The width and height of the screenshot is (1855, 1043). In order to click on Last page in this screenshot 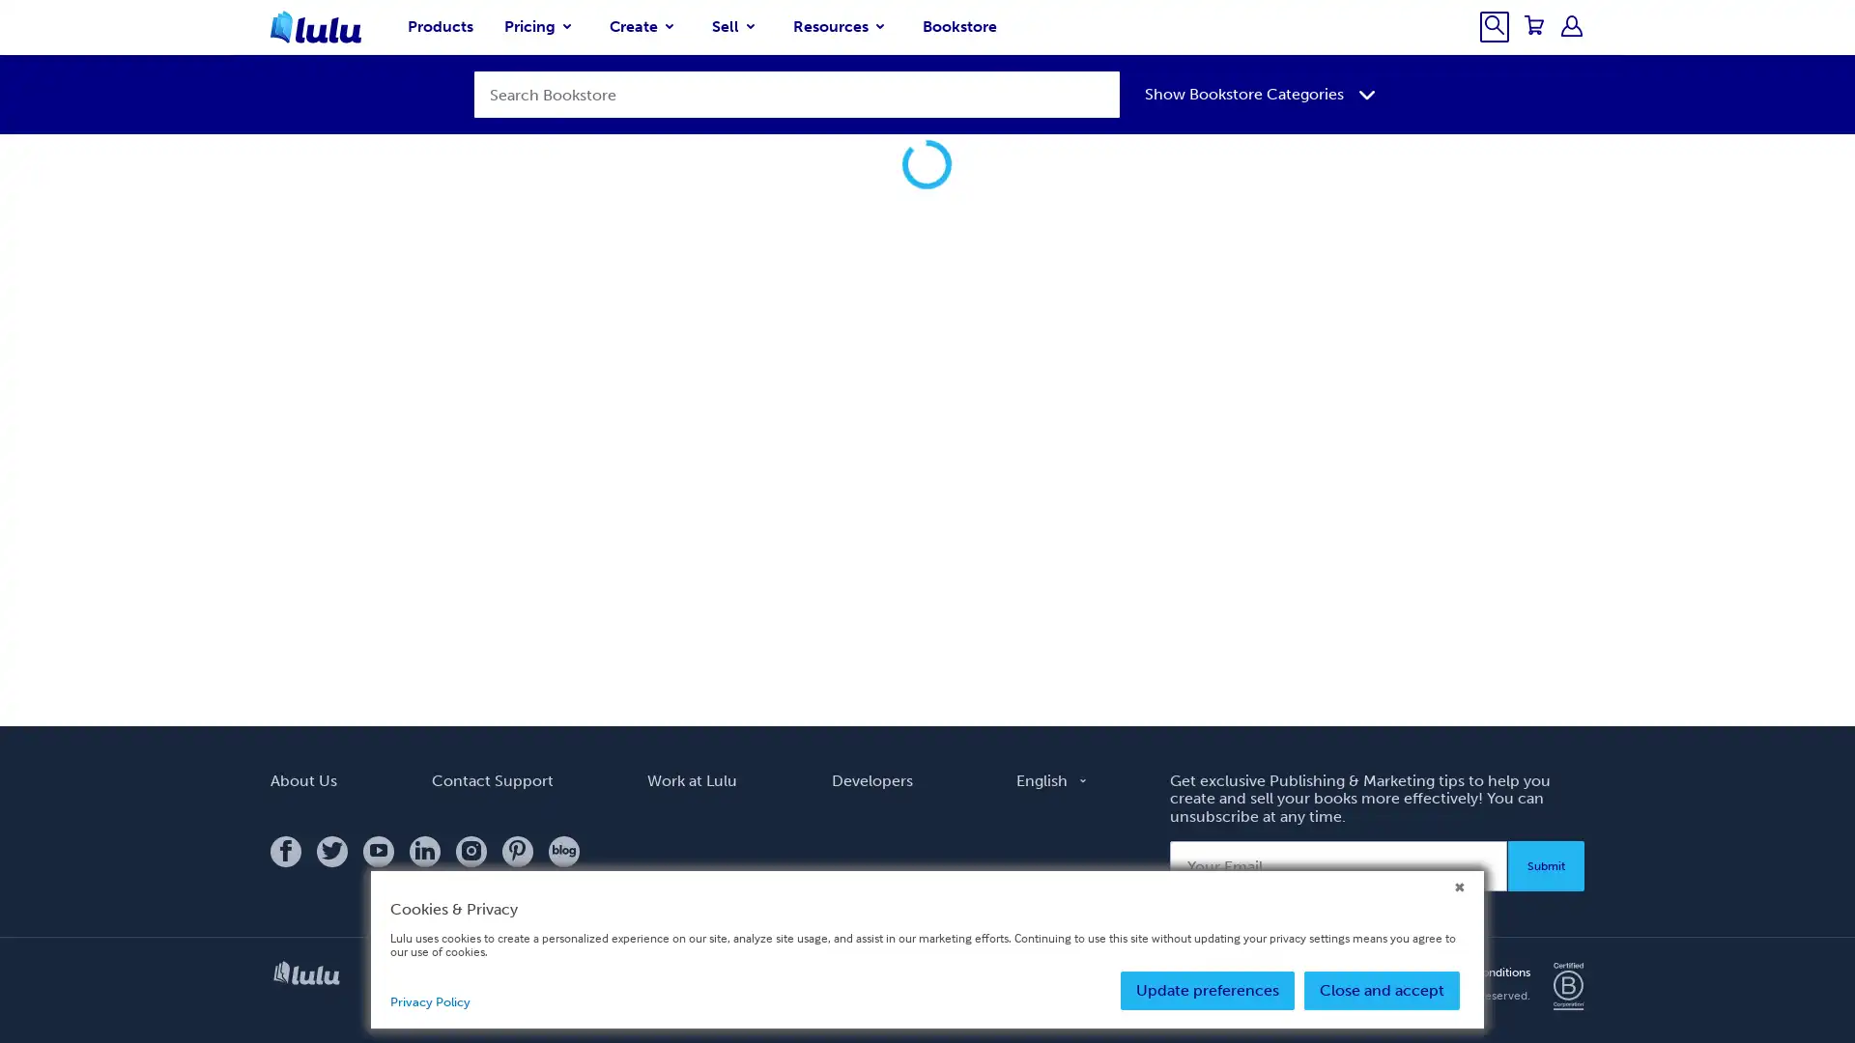, I will do `click(1565, 591)`.